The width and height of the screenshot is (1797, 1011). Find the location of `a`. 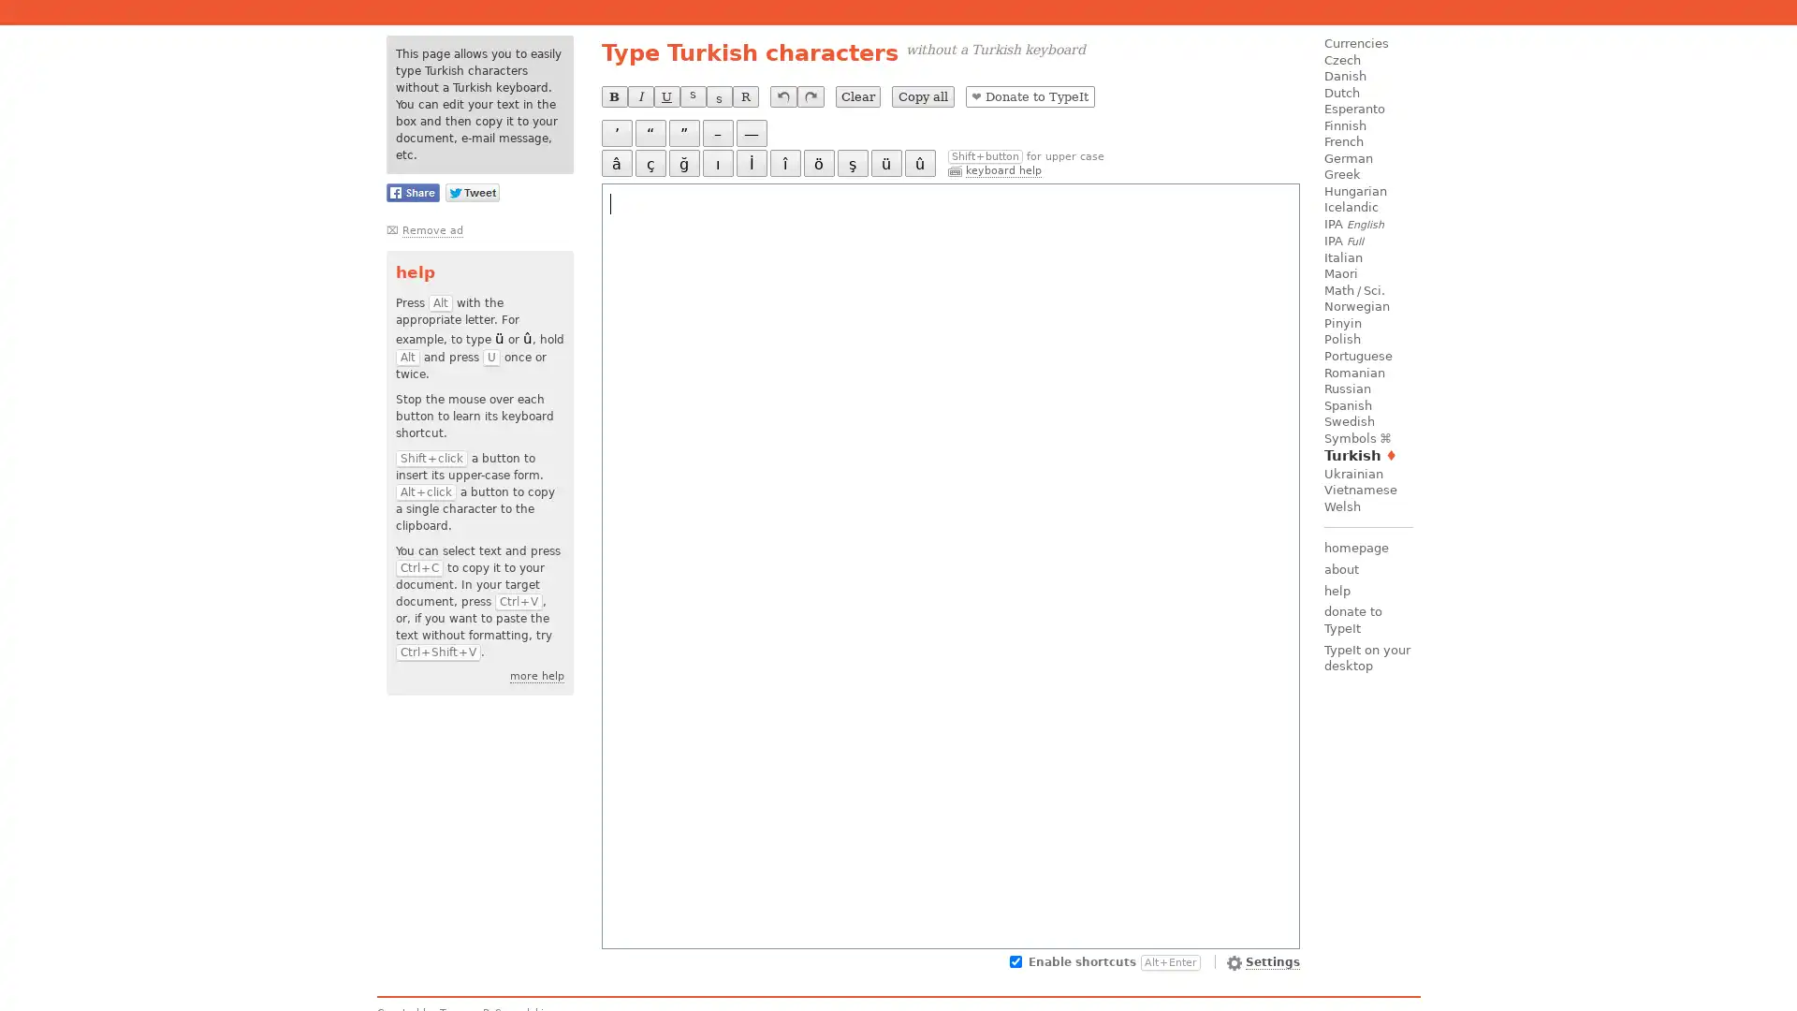

a is located at coordinates (616, 162).